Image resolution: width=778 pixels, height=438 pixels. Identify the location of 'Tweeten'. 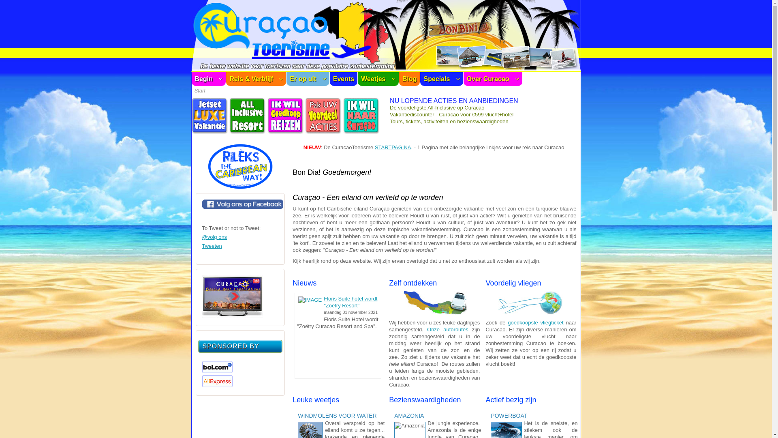
(212, 245).